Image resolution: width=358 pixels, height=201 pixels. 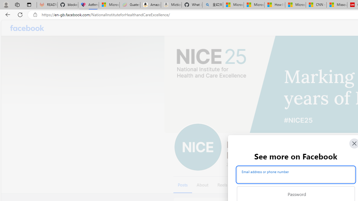 What do you see at coordinates (27, 28) in the screenshot?
I see `'Facebook'` at bounding box center [27, 28].